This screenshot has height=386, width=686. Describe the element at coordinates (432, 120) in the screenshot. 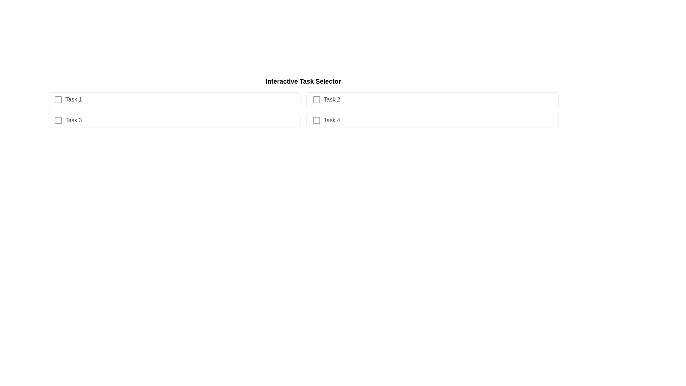

I see `the task item Task 4 to observe the hover effect` at that location.